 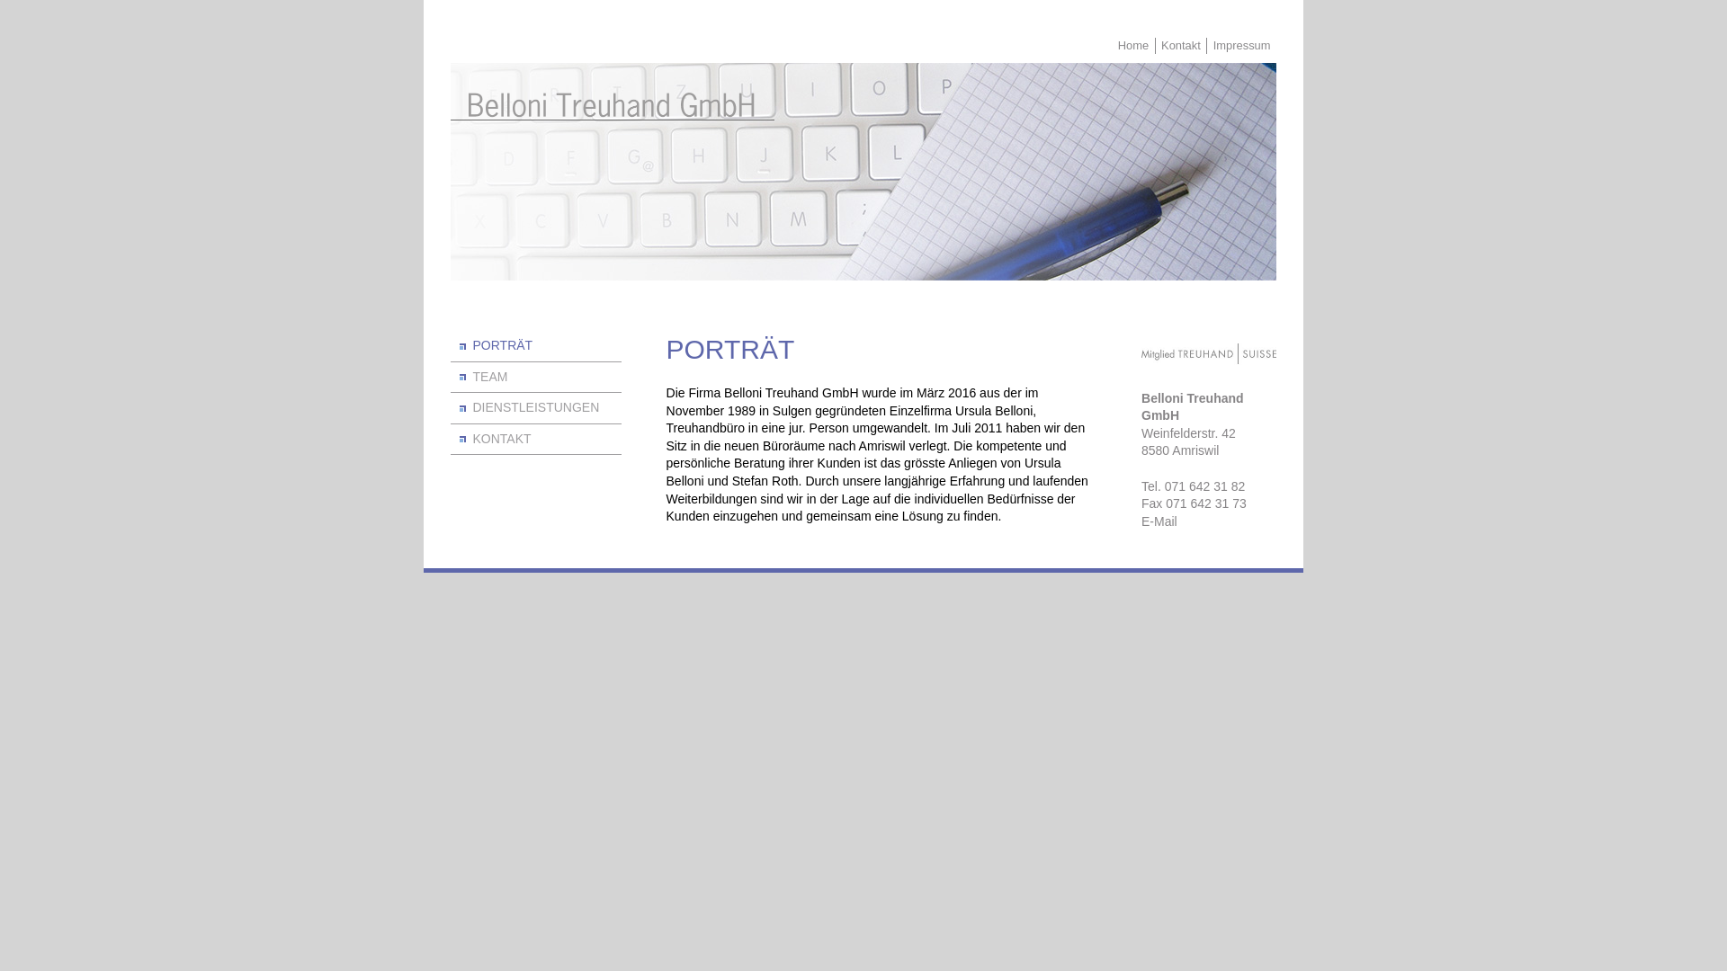 What do you see at coordinates (1132, 44) in the screenshot?
I see `'Home'` at bounding box center [1132, 44].